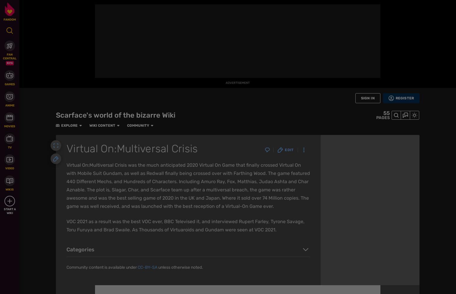 This screenshot has height=294, width=456. What do you see at coordinates (405, 98) in the screenshot?
I see `'Register'` at bounding box center [405, 98].